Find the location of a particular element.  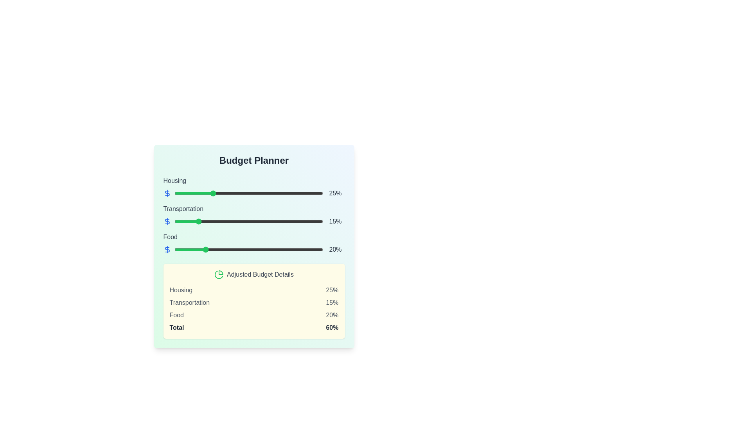

text label 'Adjusted Budget Details' which is accompanied by a green pie chart icon on its left, located at the top of a light yellow section is located at coordinates (254, 274).